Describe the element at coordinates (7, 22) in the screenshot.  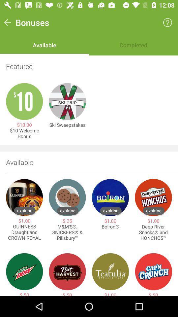
I see `the icon to the left of the bonuses icon` at that location.